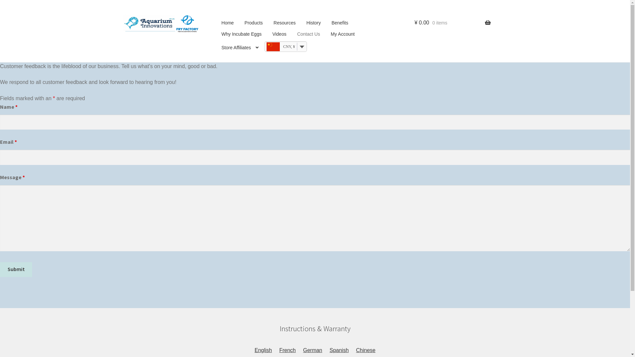 This screenshot has height=357, width=635. What do you see at coordinates (16, 269) in the screenshot?
I see `'Submit'` at bounding box center [16, 269].